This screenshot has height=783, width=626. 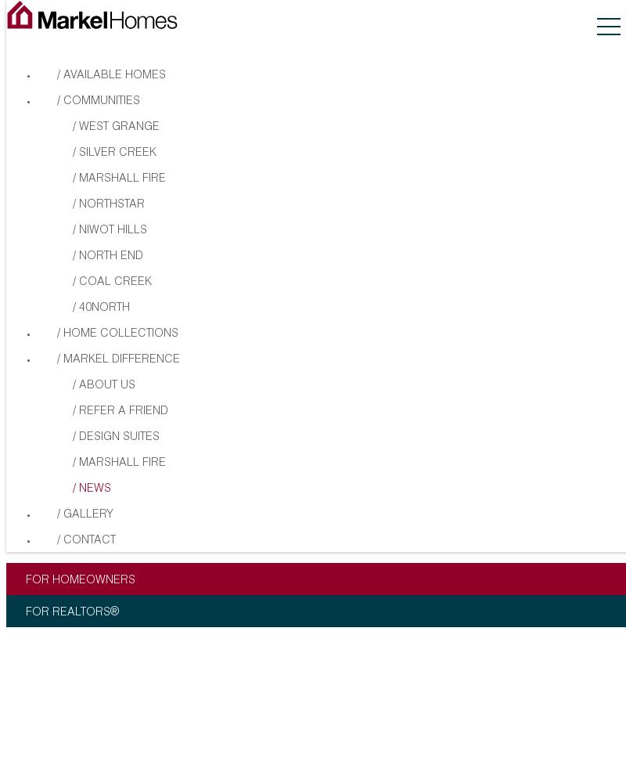 What do you see at coordinates (119, 437) in the screenshot?
I see `'Design Suites'` at bounding box center [119, 437].